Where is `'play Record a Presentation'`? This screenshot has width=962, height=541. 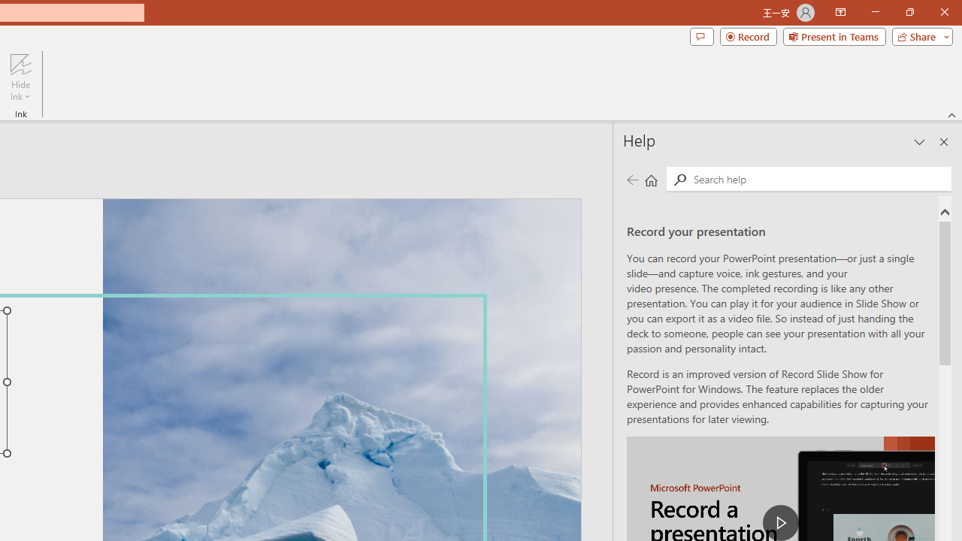
'play Record a Presentation' is located at coordinates (780, 521).